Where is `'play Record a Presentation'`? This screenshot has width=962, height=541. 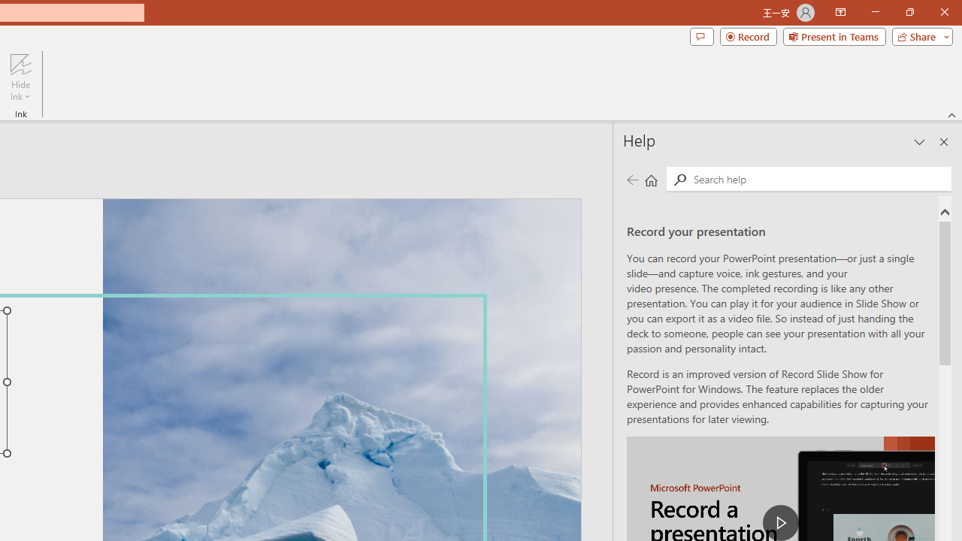
'play Record a Presentation' is located at coordinates (780, 521).